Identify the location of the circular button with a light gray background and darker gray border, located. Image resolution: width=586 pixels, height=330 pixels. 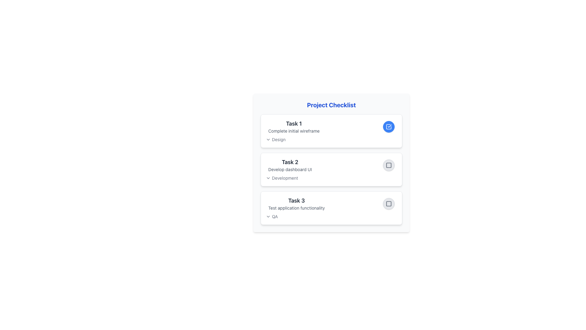
(388, 204).